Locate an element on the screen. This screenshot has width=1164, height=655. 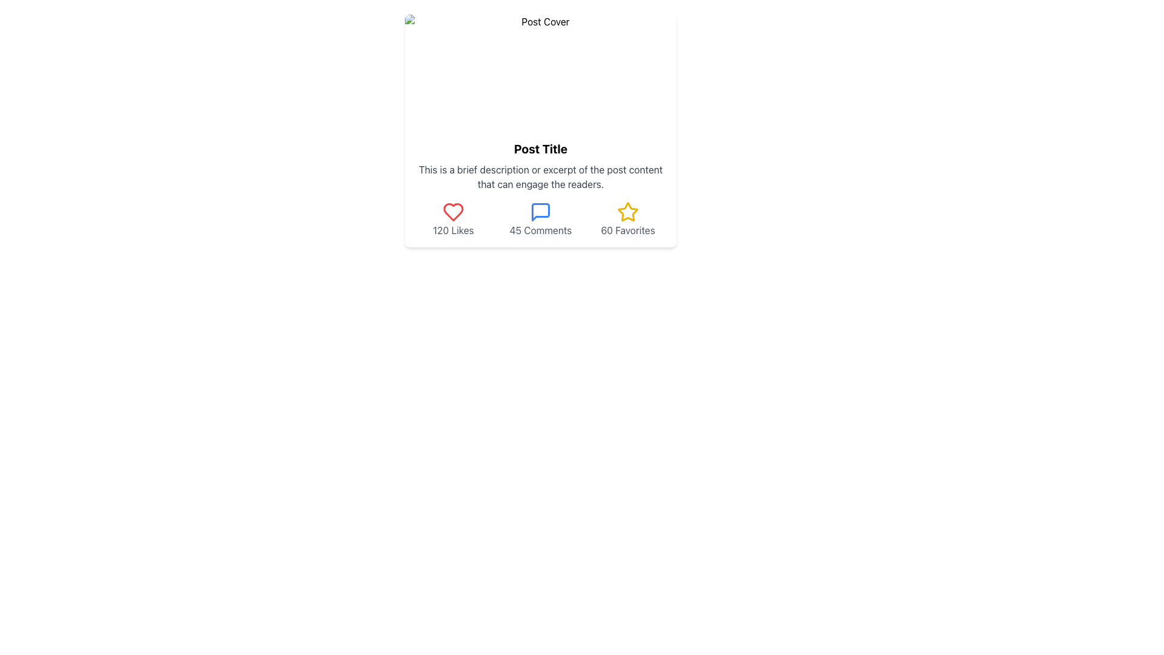
the blue speech bubble icon that symbolizes communication, located in the group displaying '45 Comments' is located at coordinates (540, 212).